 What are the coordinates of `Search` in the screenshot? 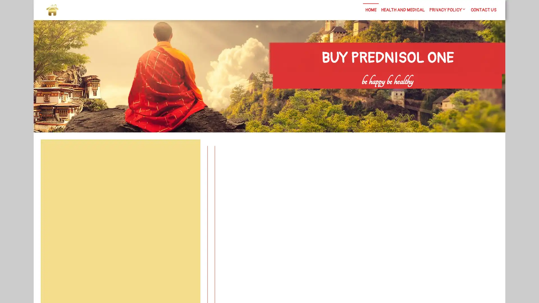 It's located at (437, 92).